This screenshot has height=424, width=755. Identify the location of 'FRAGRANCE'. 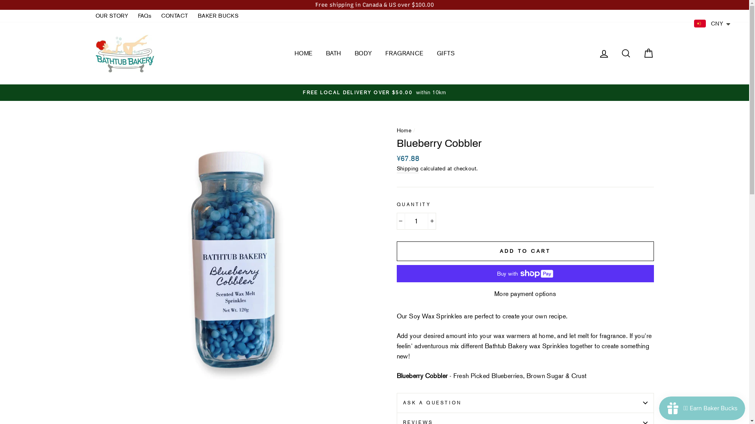
(404, 53).